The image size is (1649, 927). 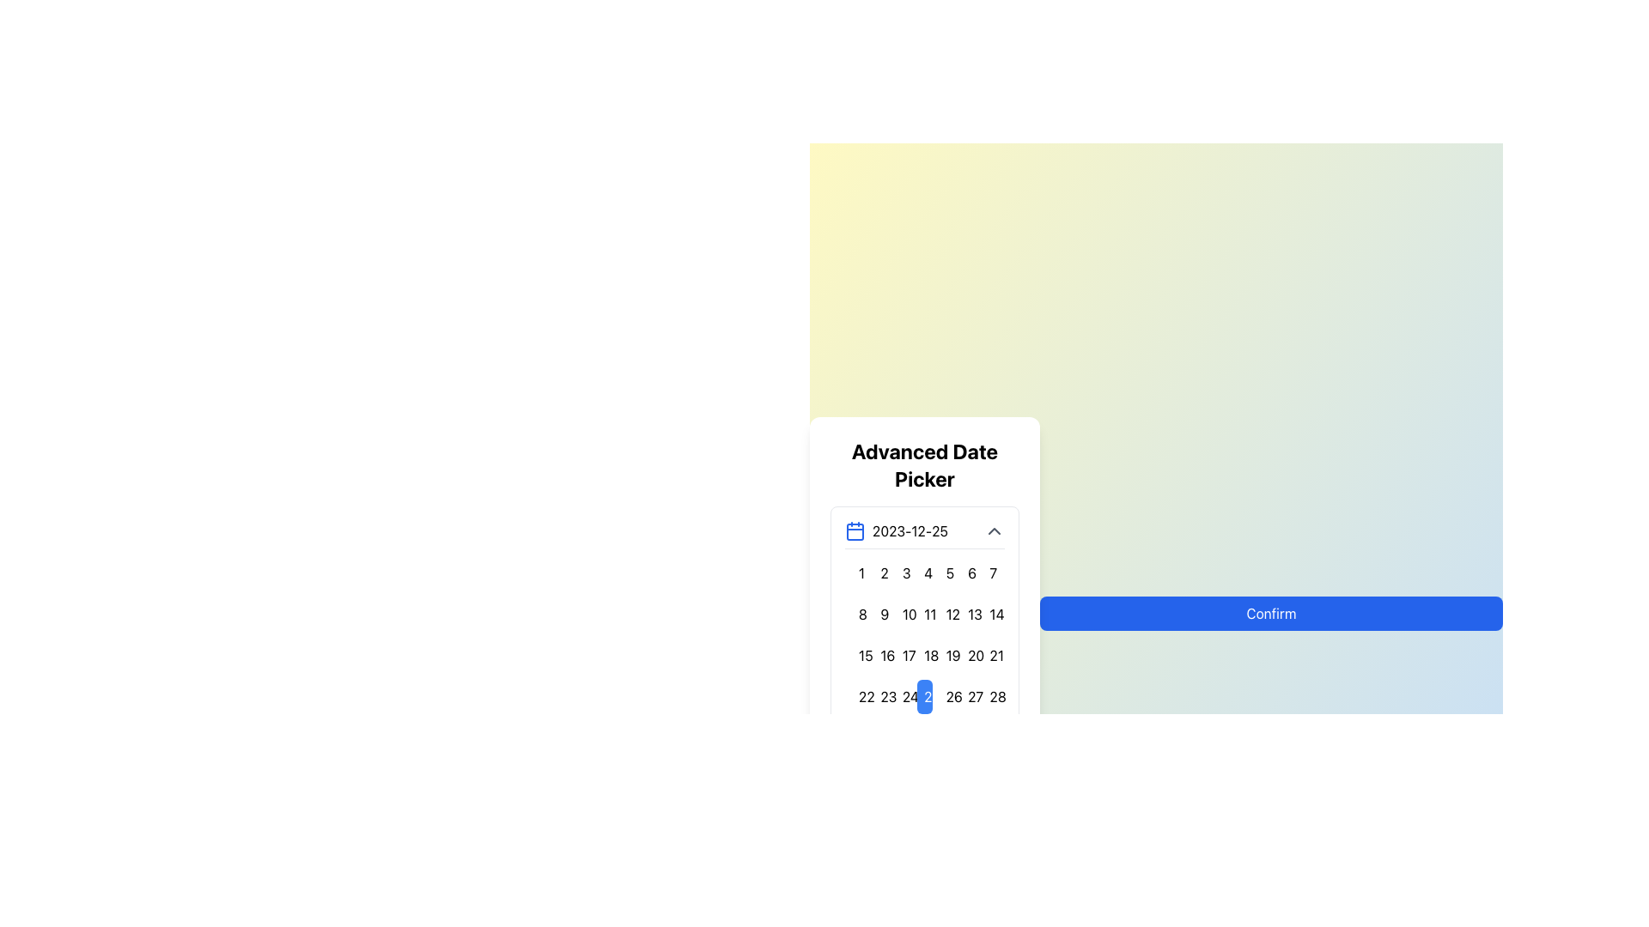 I want to click on the Date Picker Header, so click(x=922, y=529).